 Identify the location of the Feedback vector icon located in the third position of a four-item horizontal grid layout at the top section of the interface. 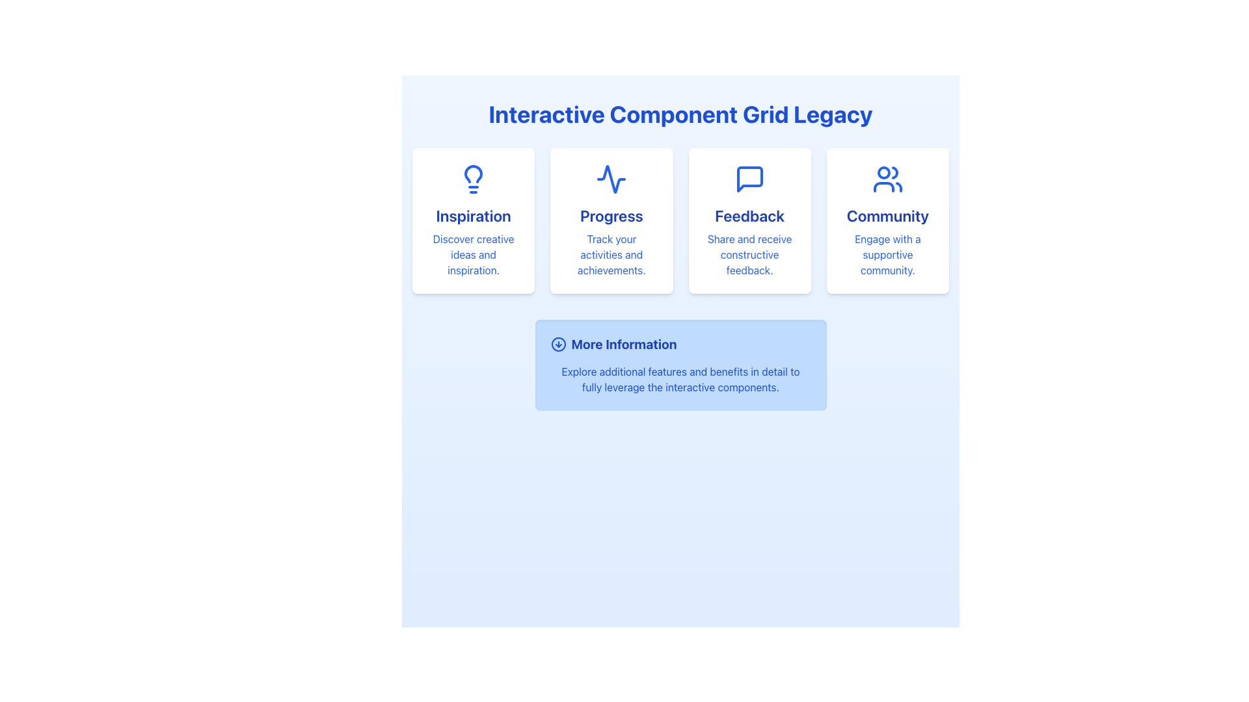
(749, 179).